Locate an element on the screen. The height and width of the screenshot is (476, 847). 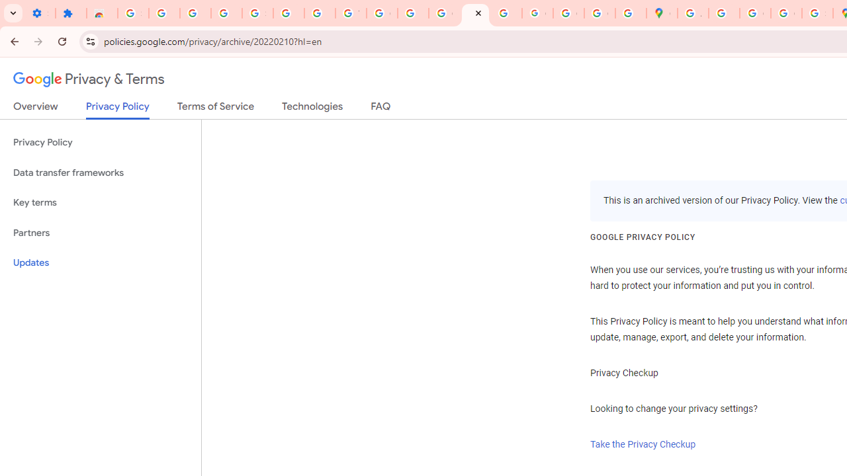
'Extensions' is located at coordinates (70, 13).